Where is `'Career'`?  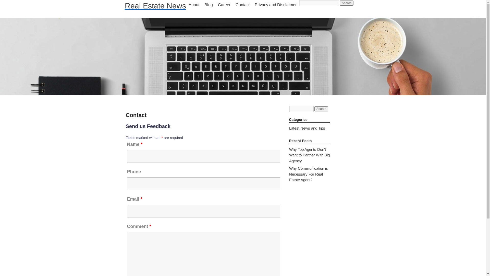 'Career' is located at coordinates (215, 5).